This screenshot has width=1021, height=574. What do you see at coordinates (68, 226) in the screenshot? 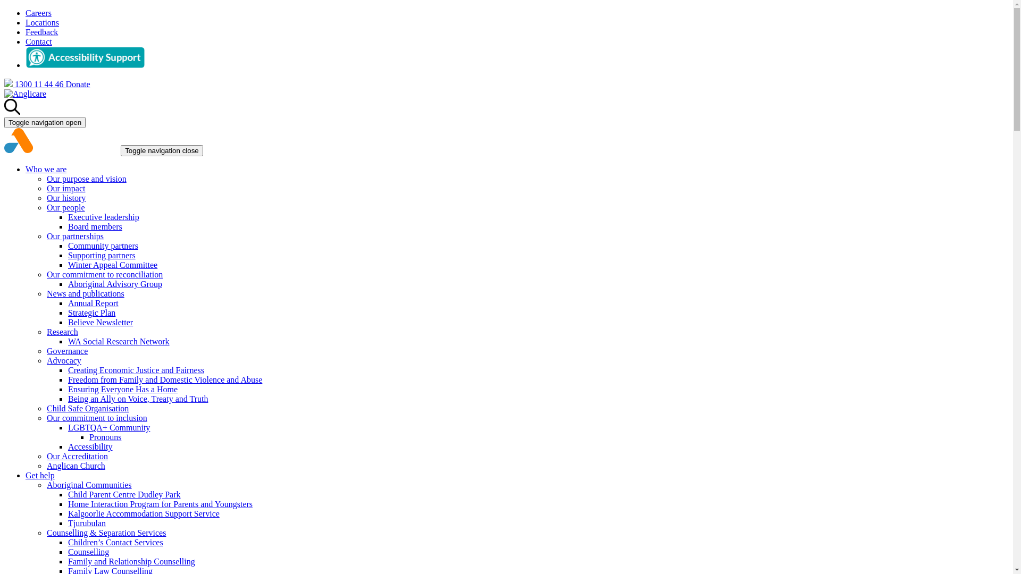
I see `'Board members'` at bounding box center [68, 226].